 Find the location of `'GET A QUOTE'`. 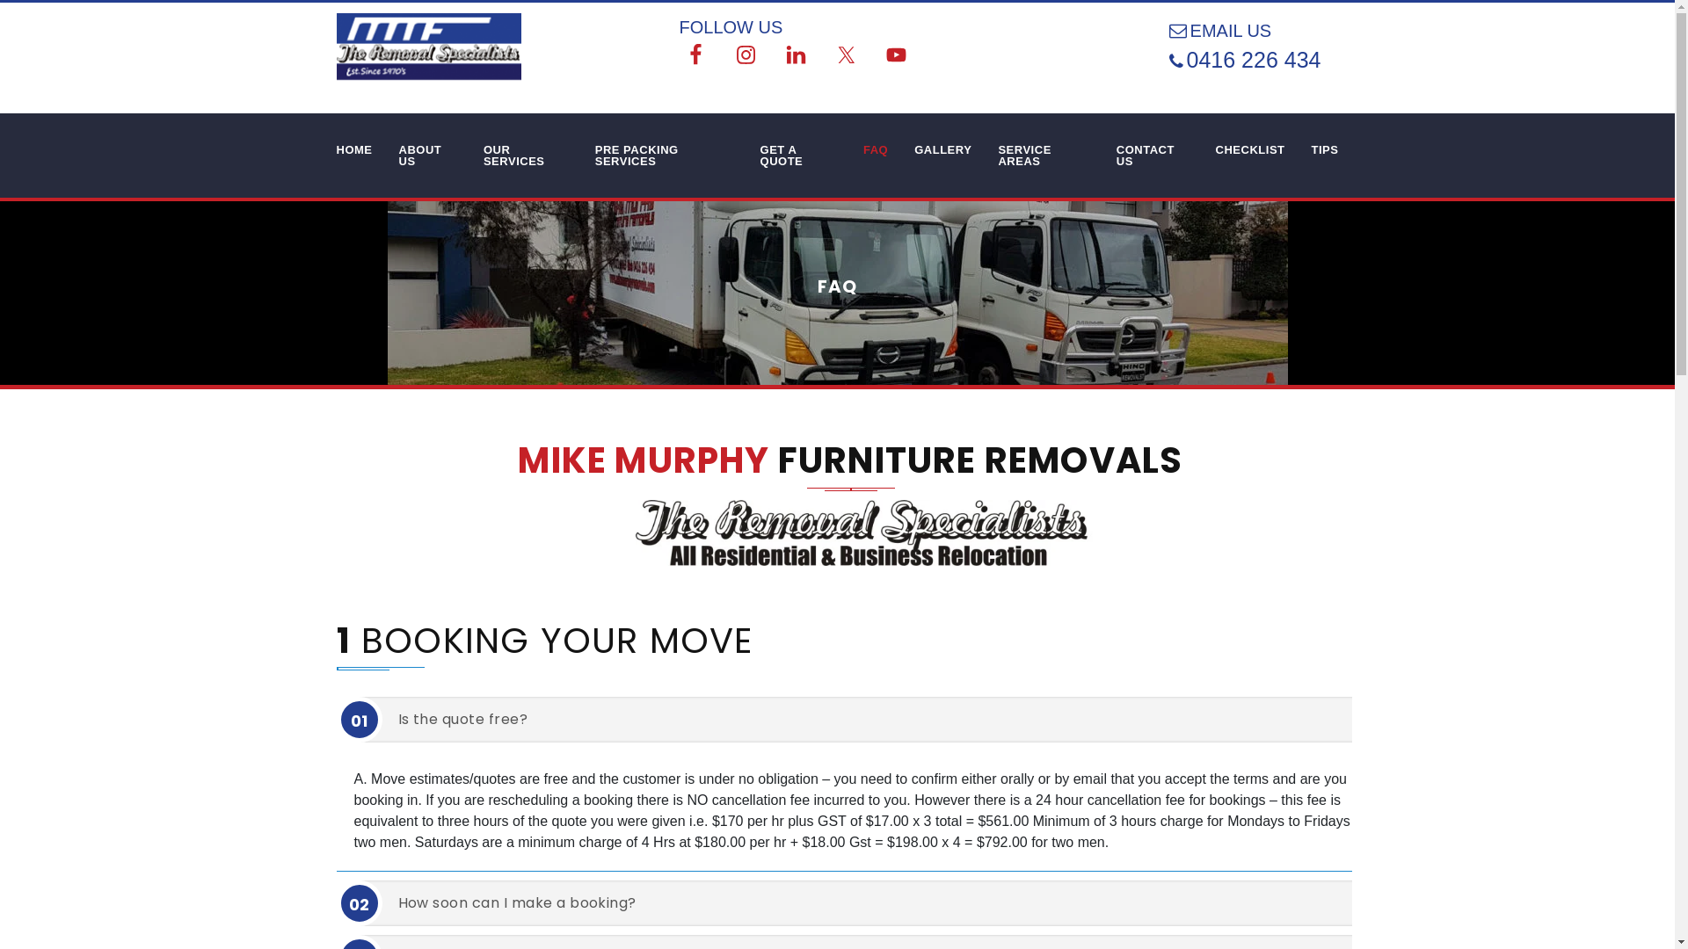

'GET A QUOTE' is located at coordinates (797, 155).